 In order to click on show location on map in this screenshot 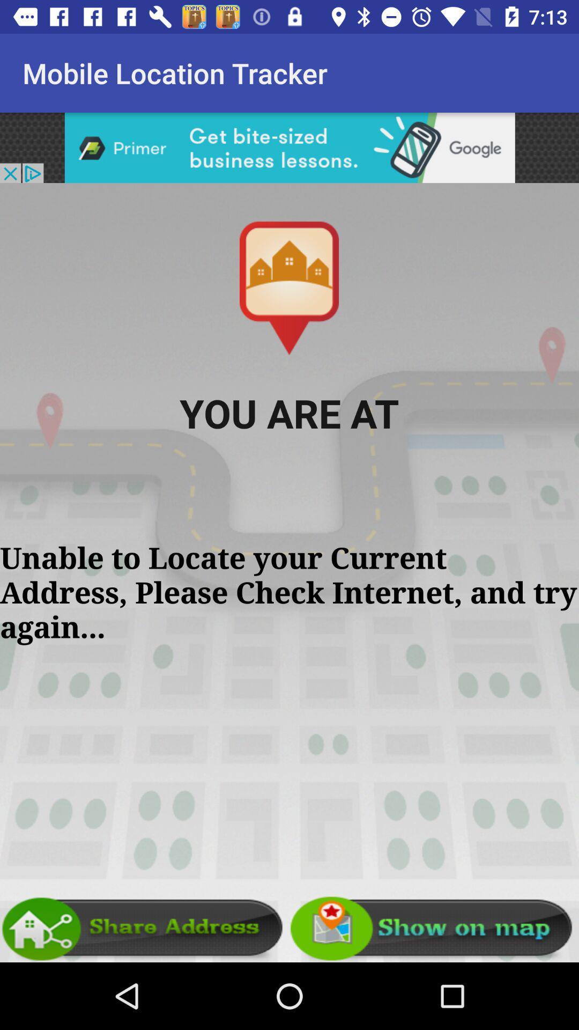, I will do `click(434, 928)`.